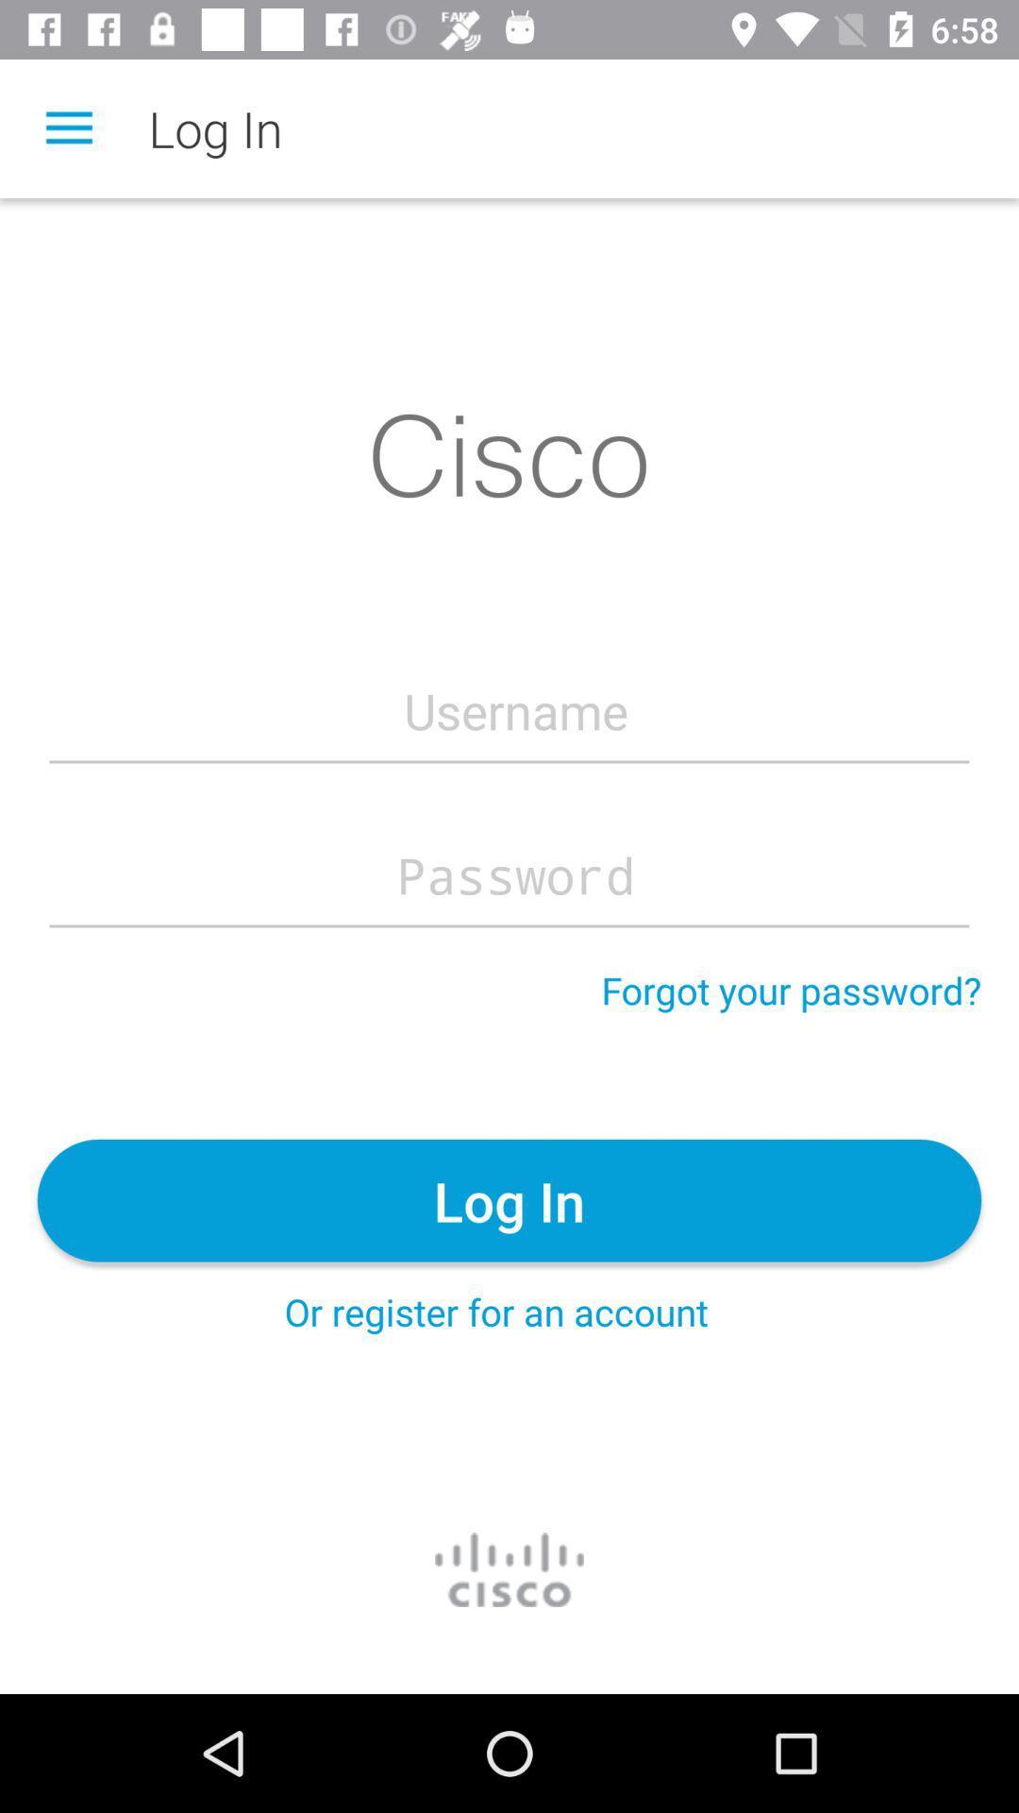  What do you see at coordinates (495, 1311) in the screenshot?
I see `or register for` at bounding box center [495, 1311].